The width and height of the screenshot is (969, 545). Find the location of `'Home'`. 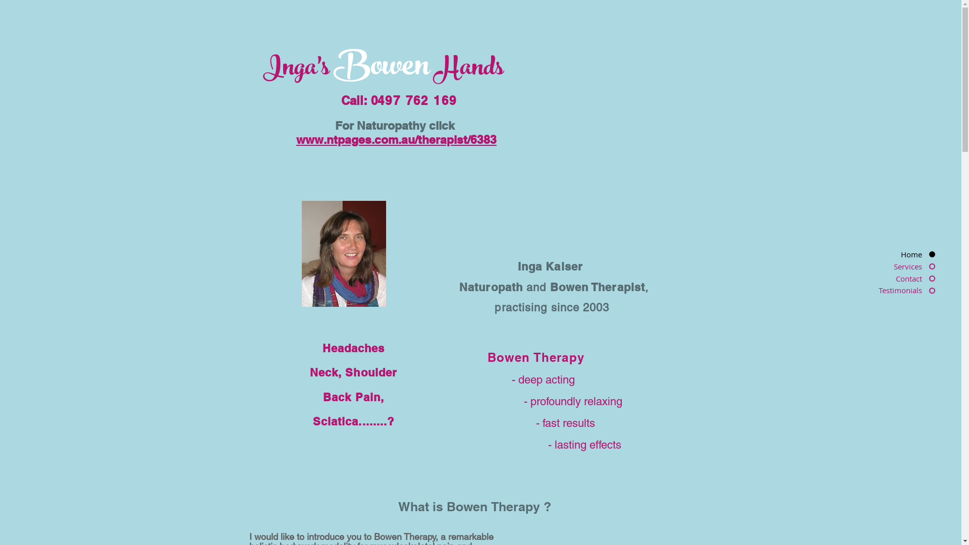

'Home' is located at coordinates (894, 254).